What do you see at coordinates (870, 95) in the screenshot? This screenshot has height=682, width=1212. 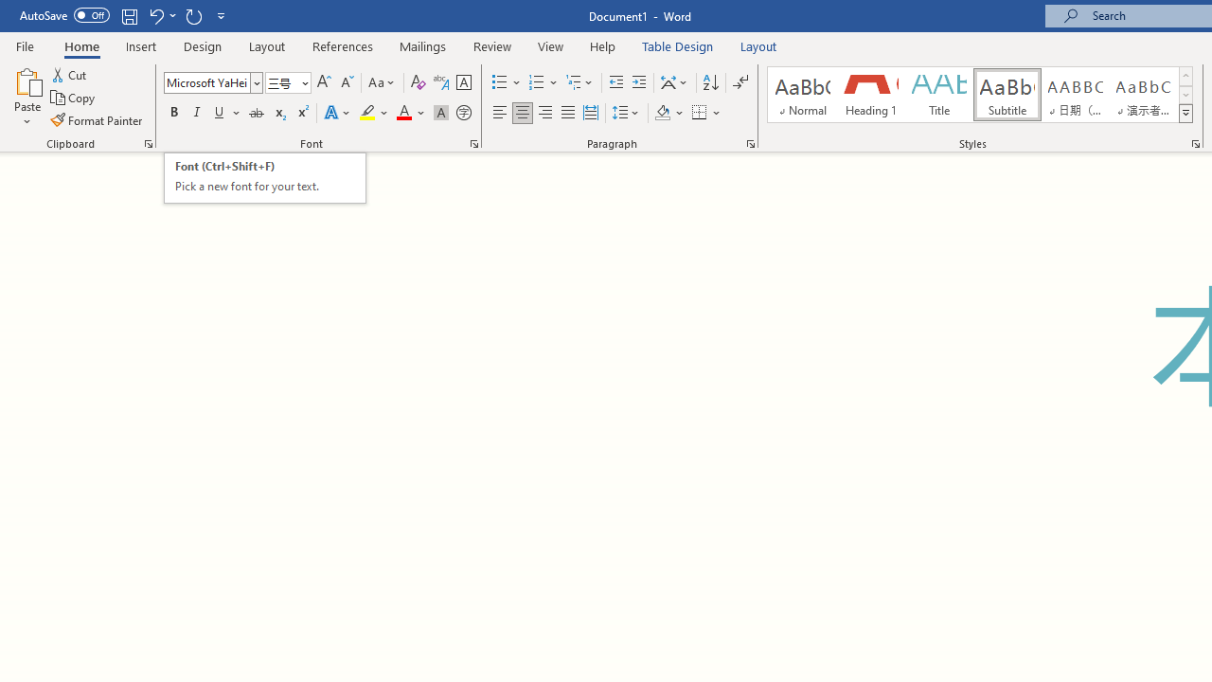 I see `'Heading 1'` at bounding box center [870, 95].